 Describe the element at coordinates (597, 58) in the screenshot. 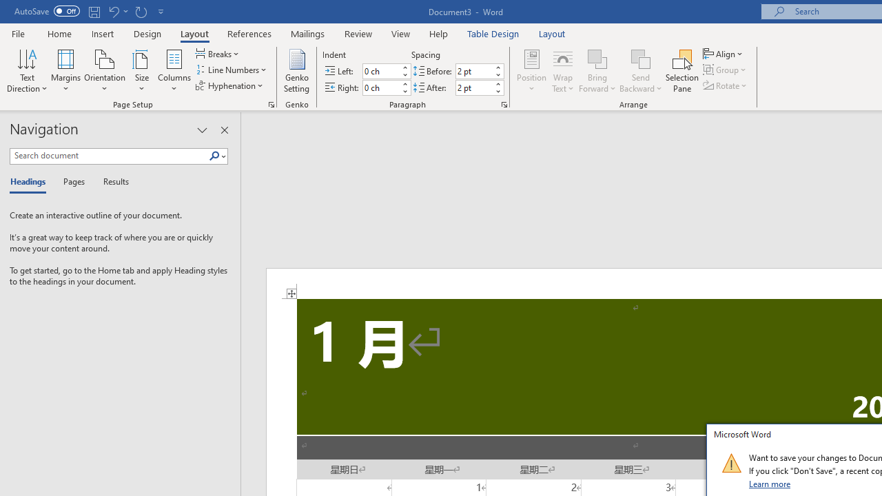

I see `'Bring Forward'` at that location.